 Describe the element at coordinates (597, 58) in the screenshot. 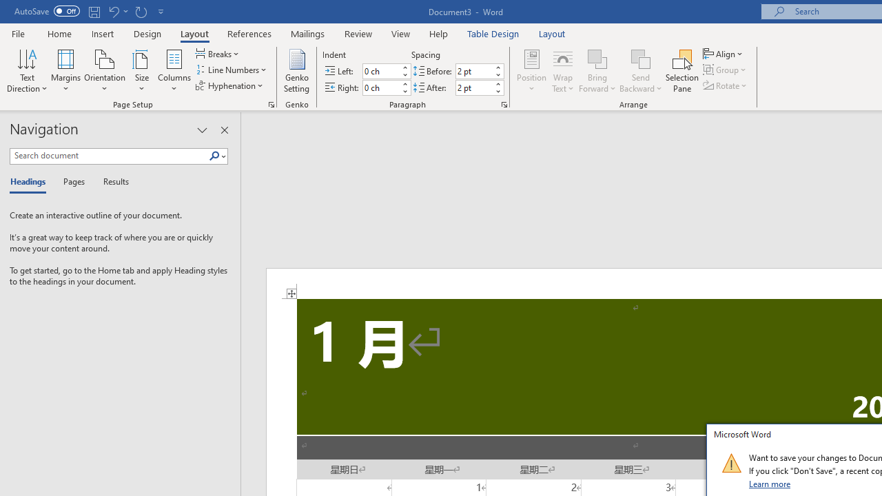

I see `'Bring Forward'` at that location.